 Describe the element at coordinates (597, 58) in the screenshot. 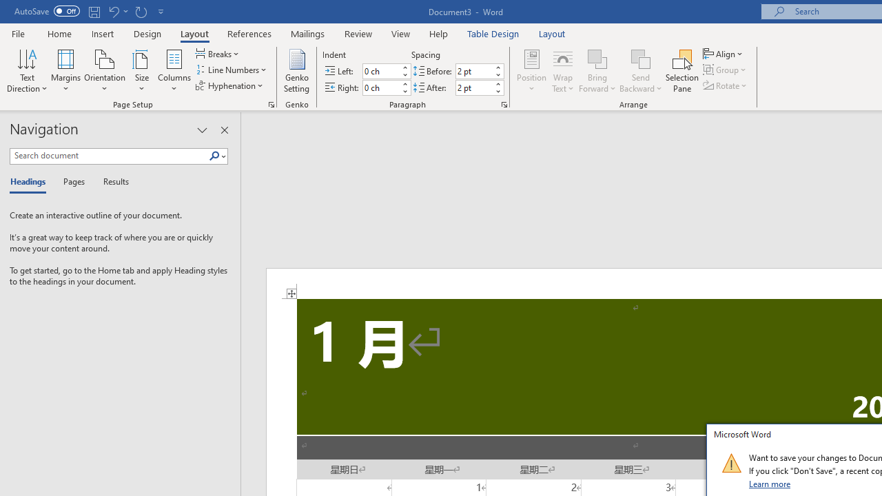

I see `'Bring Forward'` at that location.